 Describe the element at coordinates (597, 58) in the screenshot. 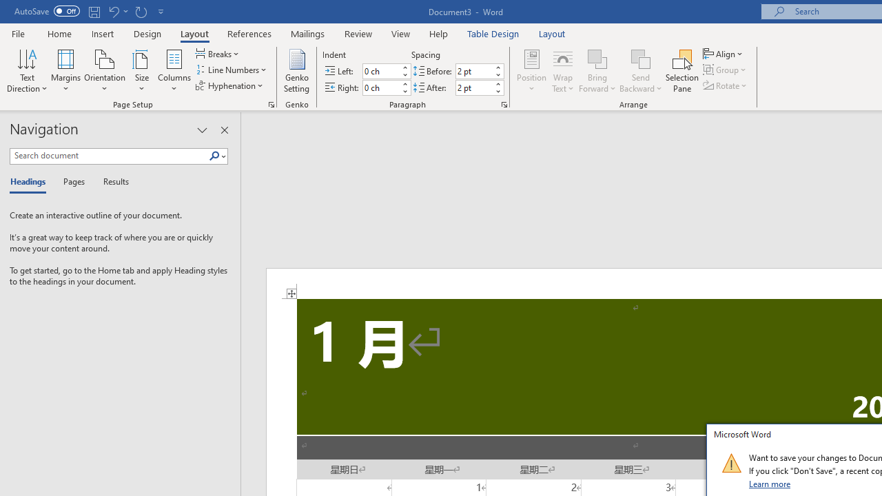

I see `'Bring Forward'` at that location.